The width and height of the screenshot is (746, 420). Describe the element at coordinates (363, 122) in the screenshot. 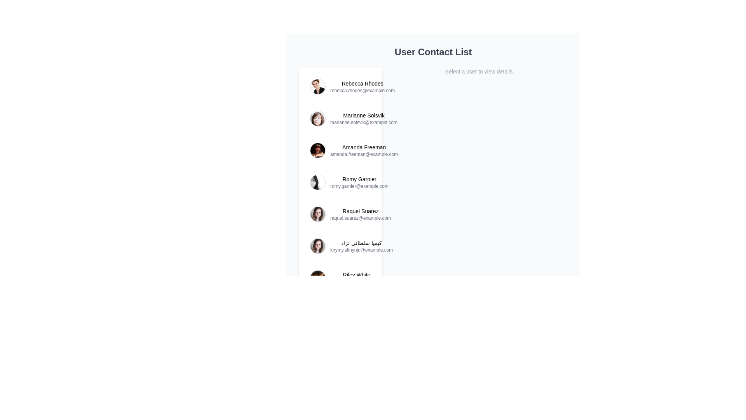

I see `the text element displaying the email address 'marianne.solsvik@example.com', which is located beneath the name 'Marianne Solsvik' in the contact information tile` at that location.